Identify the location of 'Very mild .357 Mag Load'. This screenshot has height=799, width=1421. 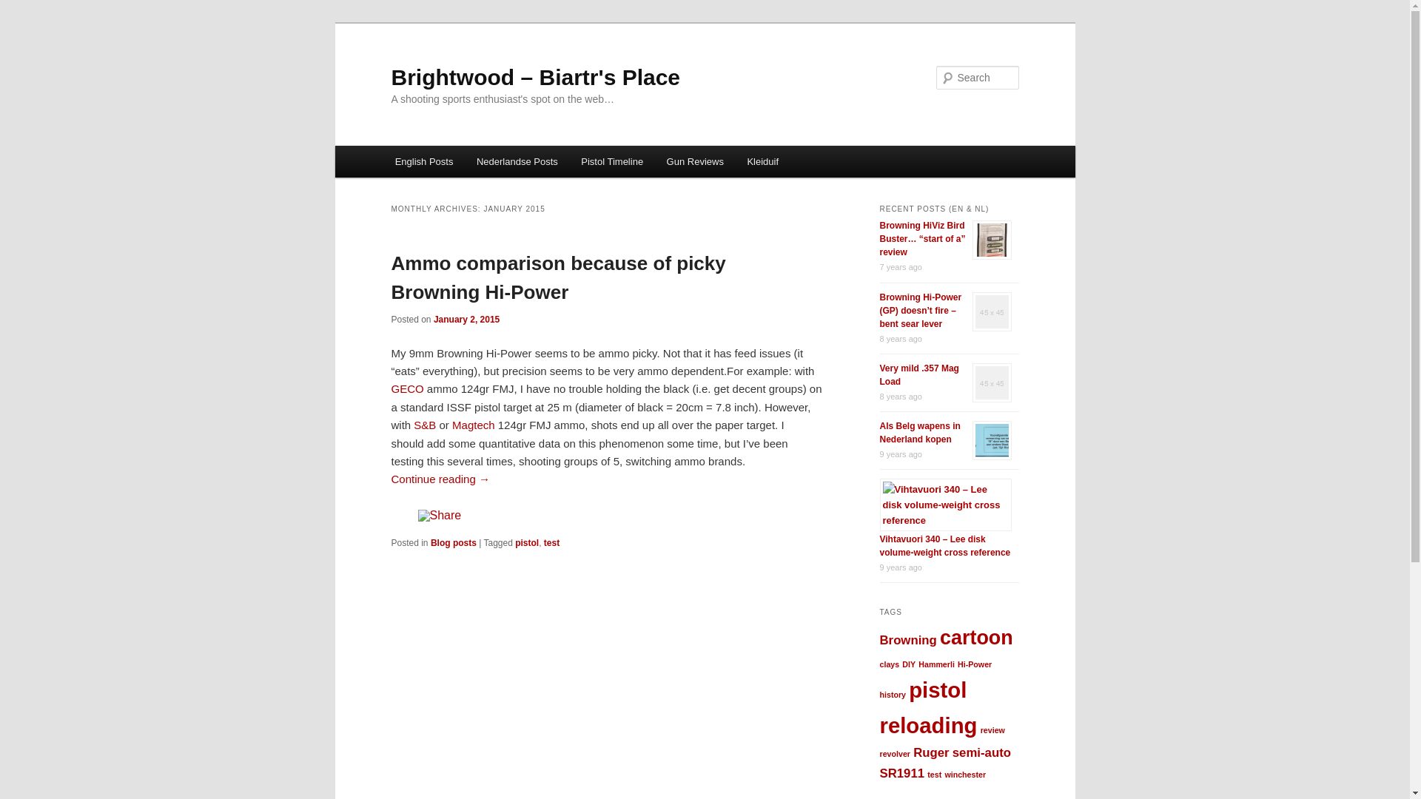
(918, 374).